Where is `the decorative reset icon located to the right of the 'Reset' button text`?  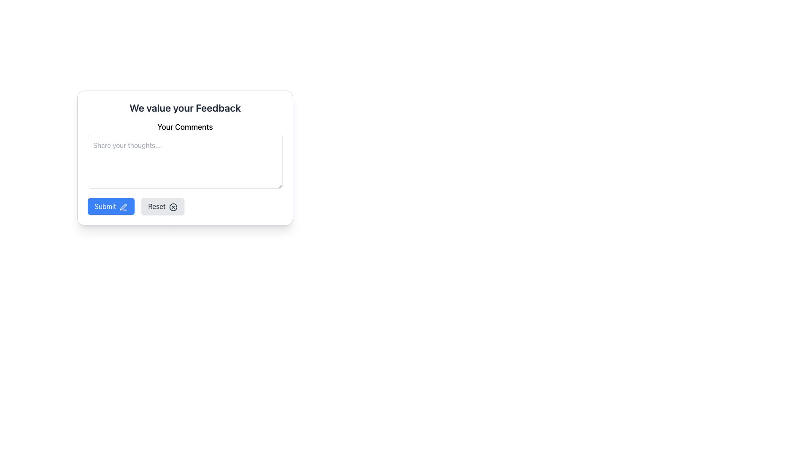
the decorative reset icon located to the right of the 'Reset' button text is located at coordinates (173, 207).